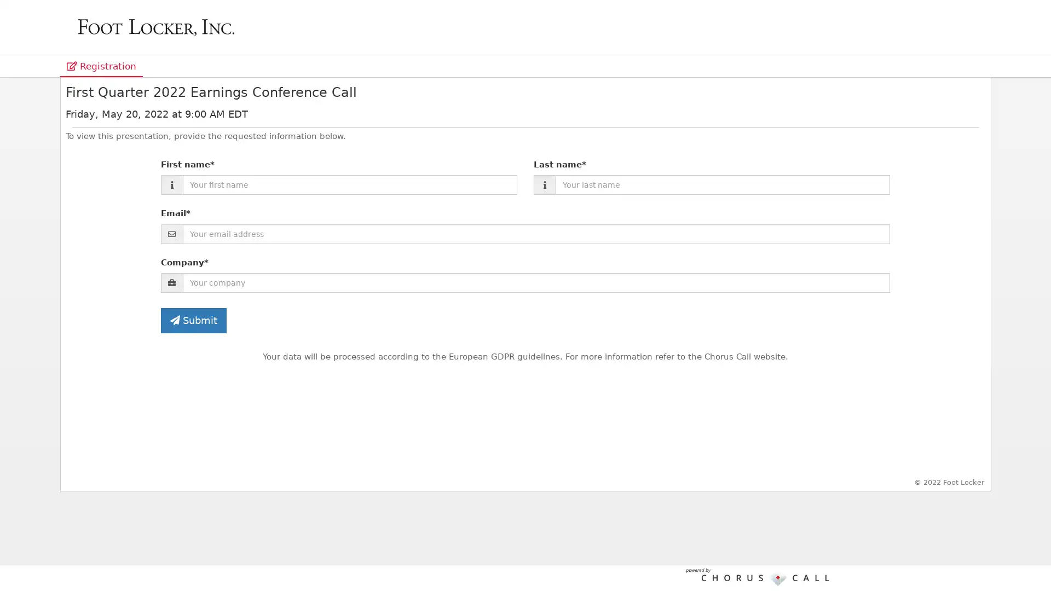 The width and height of the screenshot is (1051, 591). Describe the element at coordinates (193, 320) in the screenshot. I see `Submit` at that location.